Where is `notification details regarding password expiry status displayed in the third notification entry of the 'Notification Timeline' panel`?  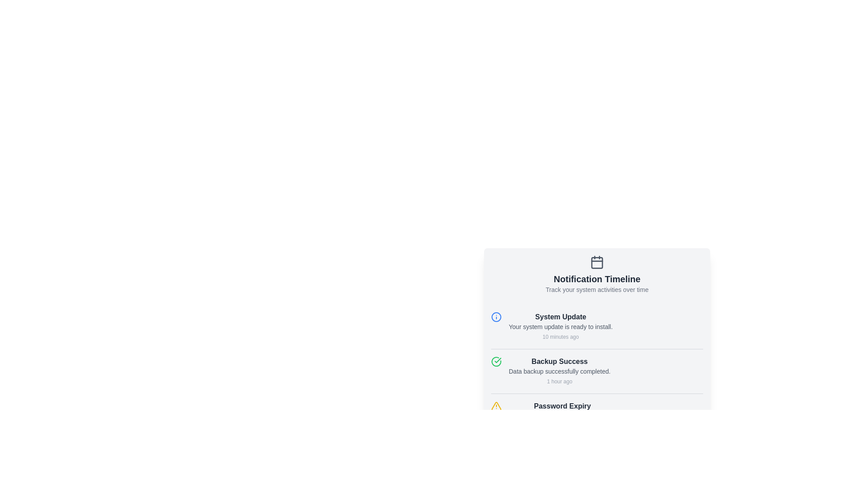 notification details regarding password expiry status displayed in the third notification entry of the 'Notification Timeline' panel is located at coordinates (562, 416).